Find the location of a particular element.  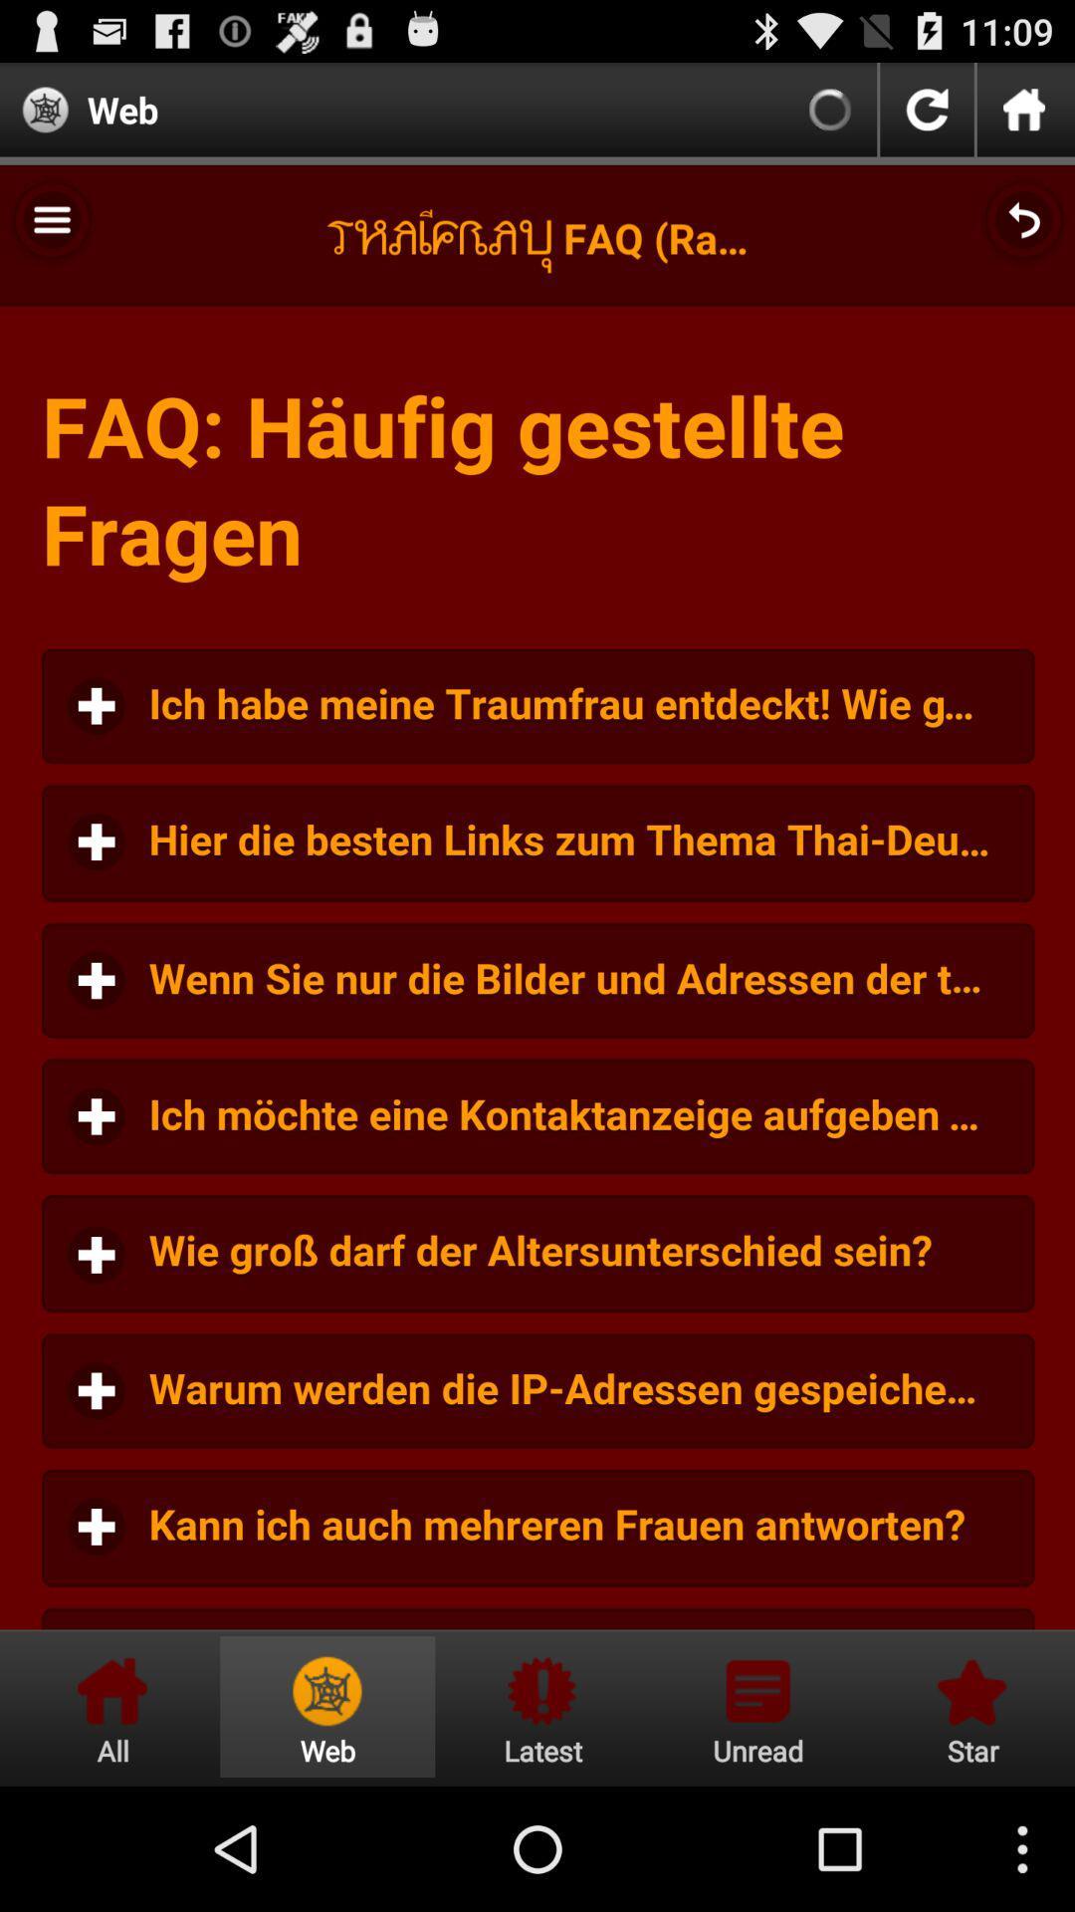

refresh page is located at coordinates (927, 109).